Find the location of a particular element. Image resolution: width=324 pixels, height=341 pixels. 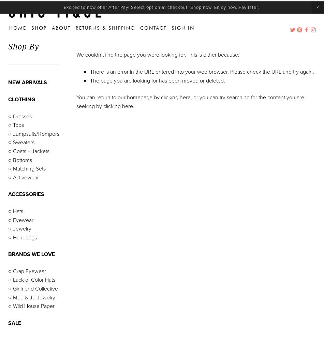

'○ Lack' is located at coordinates (8, 275).